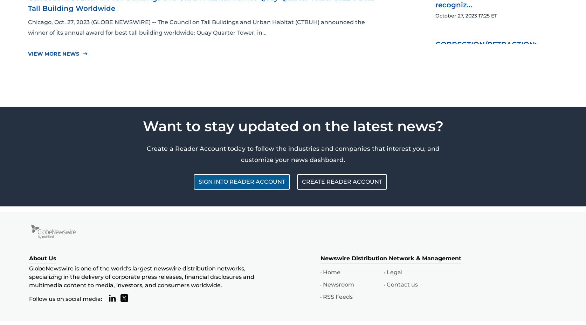  Describe the element at coordinates (28, 27) in the screenshot. I see `'Chicago, Oct.  27, 2023  (GLOBE NEWSWIRE) -- The Council on Tall Buildings and Urban Habitat (CTBUH) announced the winner of its annual award for best tall building worldwide: Quay Quarter Tower, in...'` at that location.